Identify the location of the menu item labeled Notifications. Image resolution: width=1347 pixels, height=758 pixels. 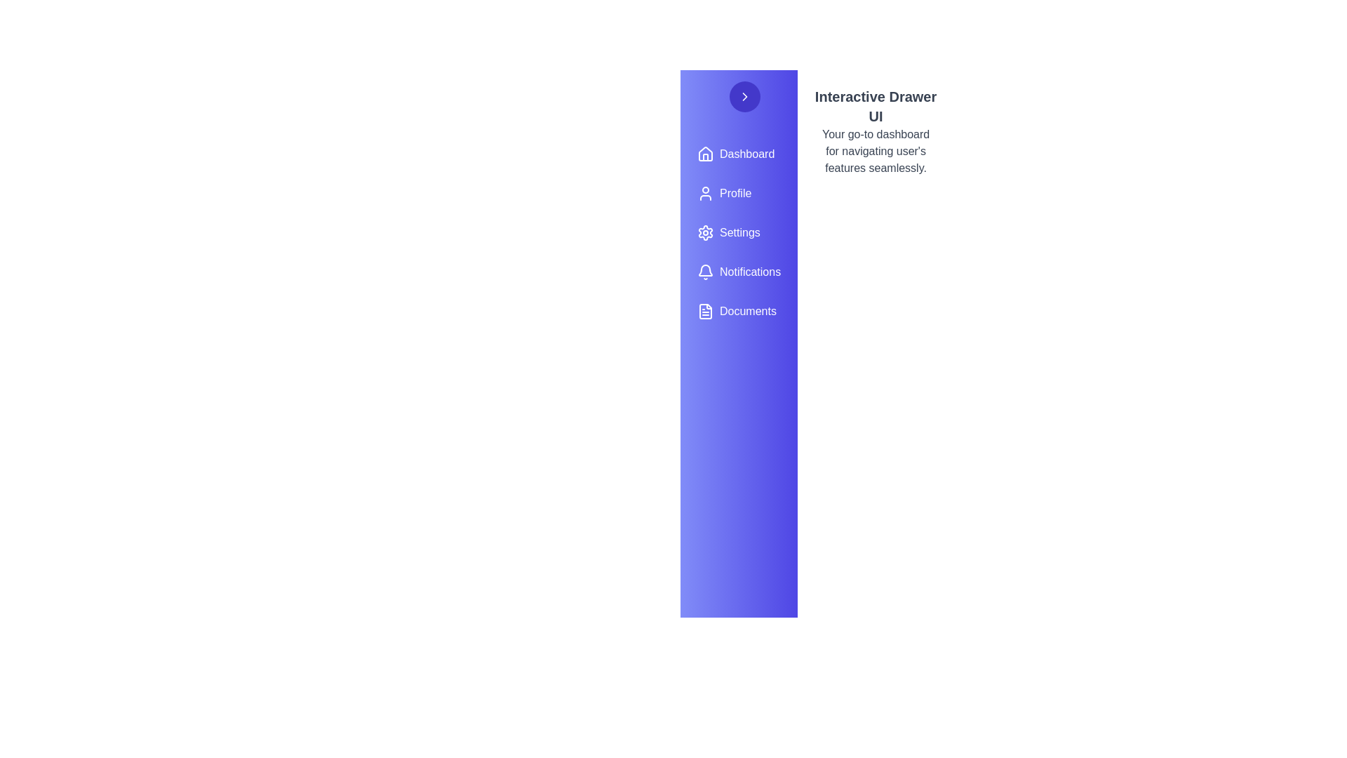
(738, 272).